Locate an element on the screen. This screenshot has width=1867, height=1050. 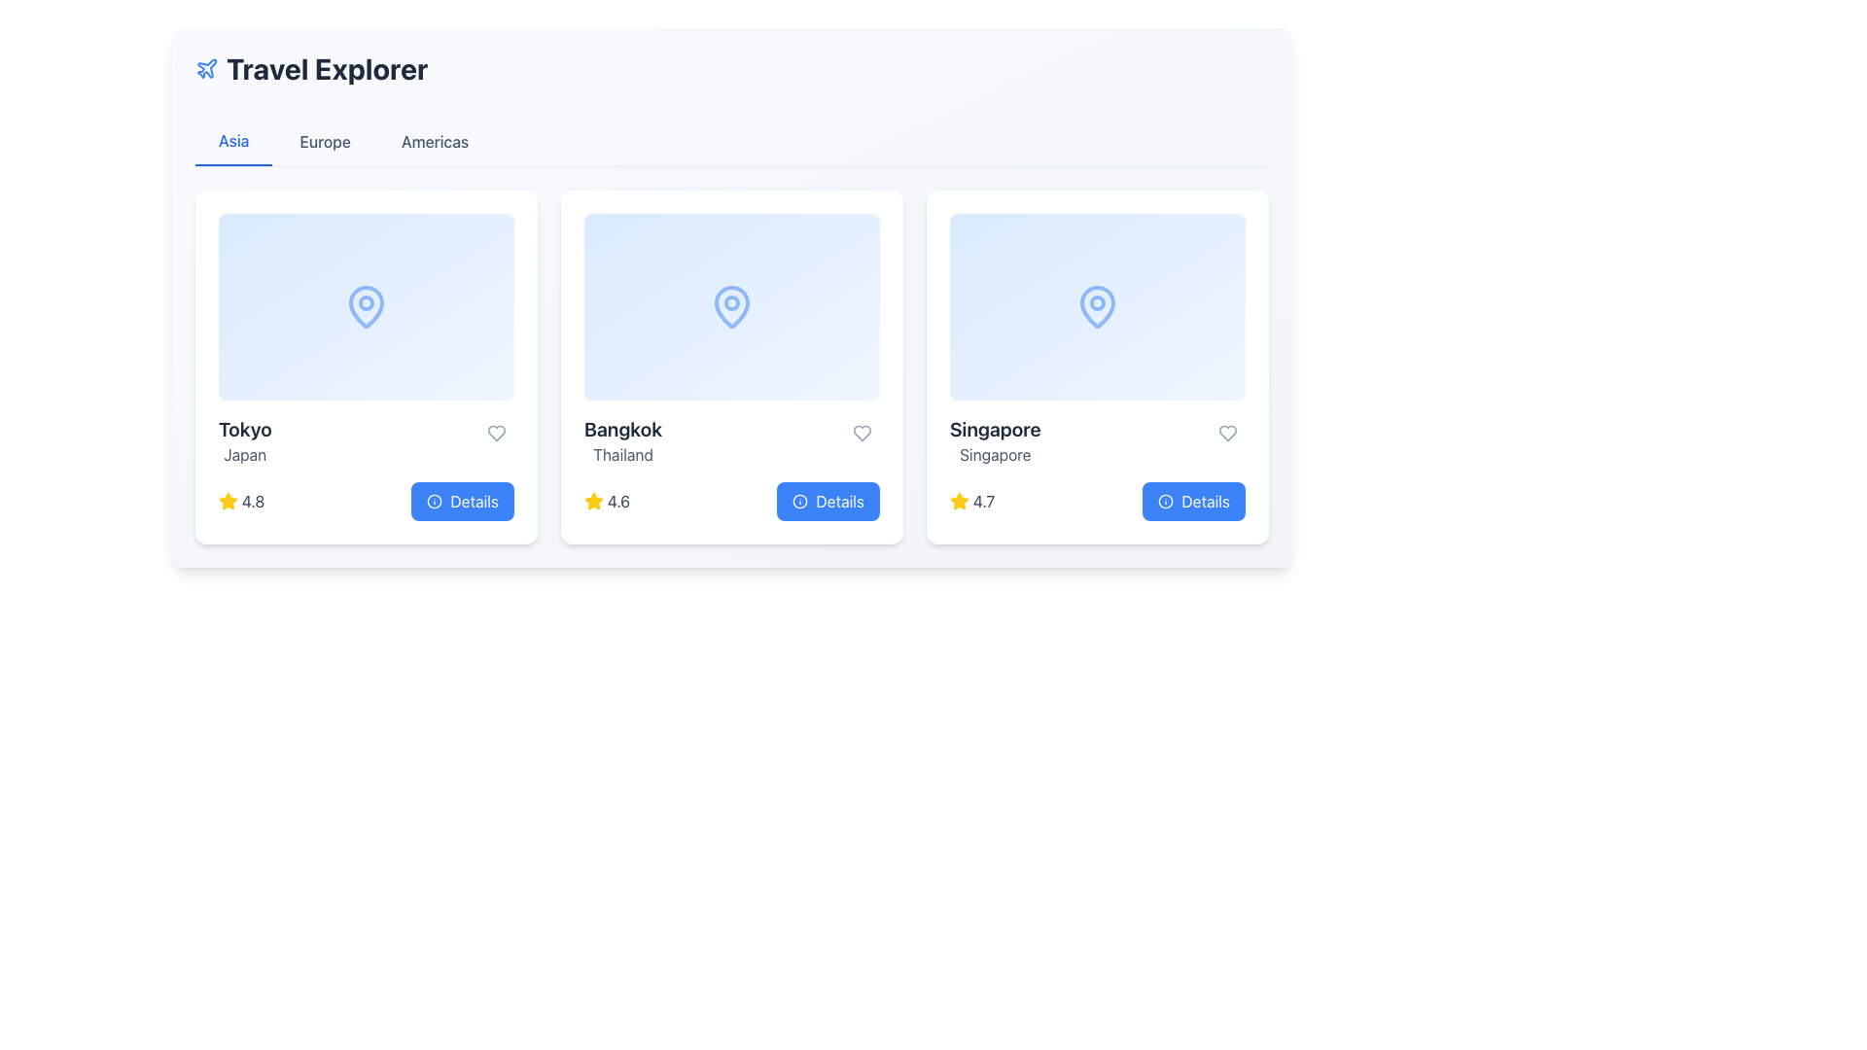
text content of the label for the location 'Singapore', which is the third element in the row of location cards under the 'Asia' tab in the 'Travel Explorer' interface is located at coordinates (995, 441).